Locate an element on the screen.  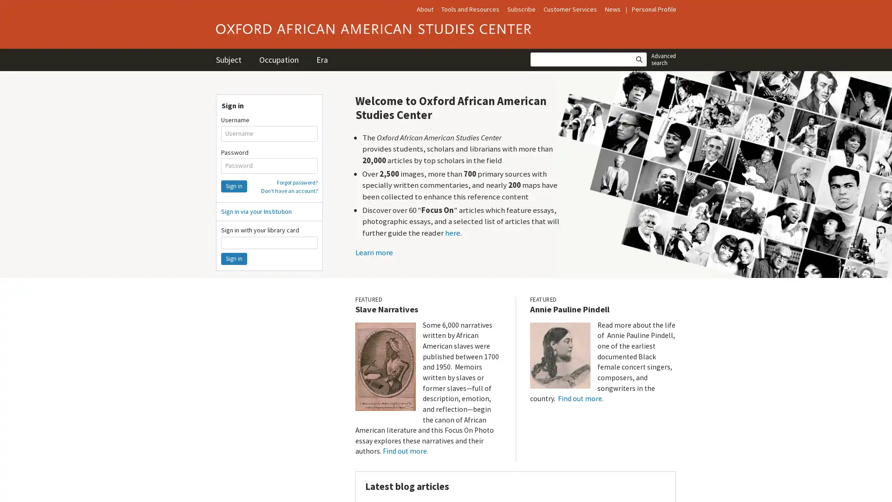
Era is located at coordinates (321, 59).